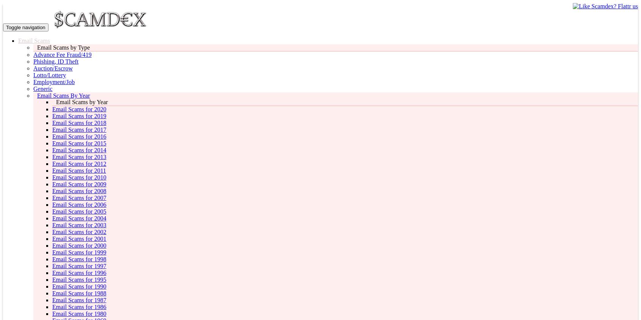 This screenshot has height=320, width=641. I want to click on 'Email Scams for 2004', so click(52, 218).